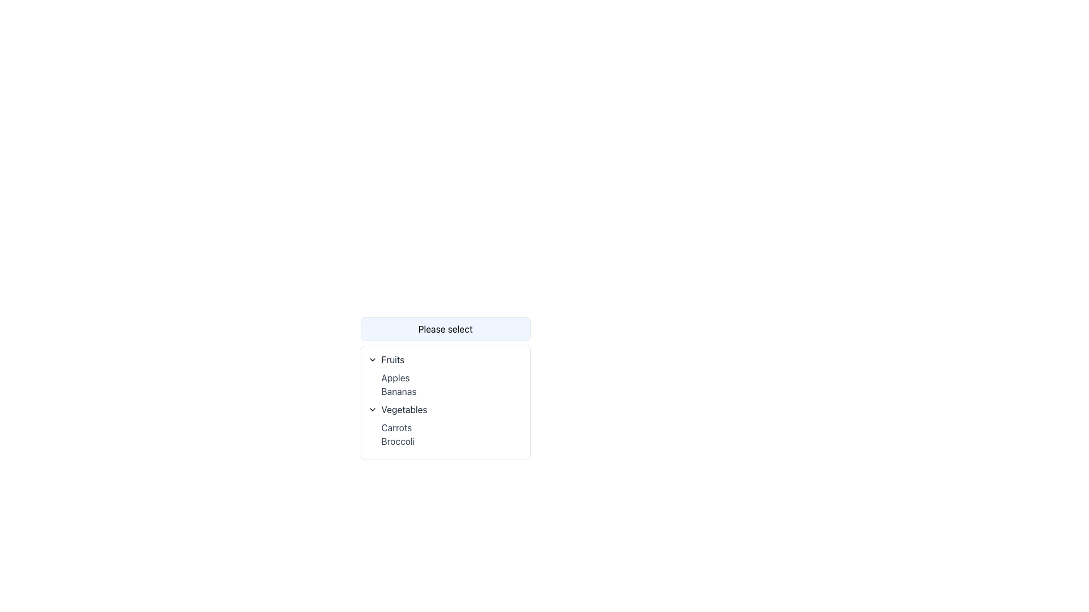  What do you see at coordinates (445, 384) in the screenshot?
I see `the selectable option "Apples" in the dropdown menu under the "Fruits" section` at bounding box center [445, 384].